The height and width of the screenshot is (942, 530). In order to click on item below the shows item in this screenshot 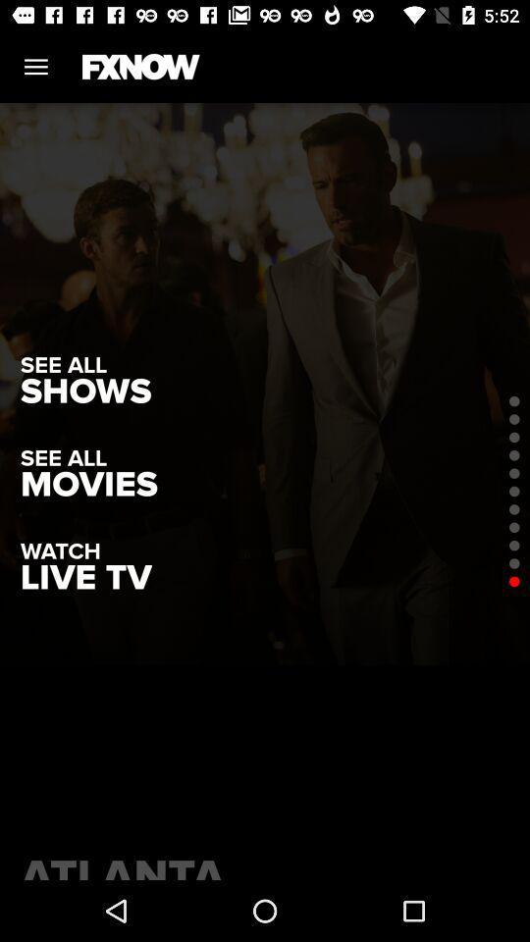, I will do `click(87, 484)`.